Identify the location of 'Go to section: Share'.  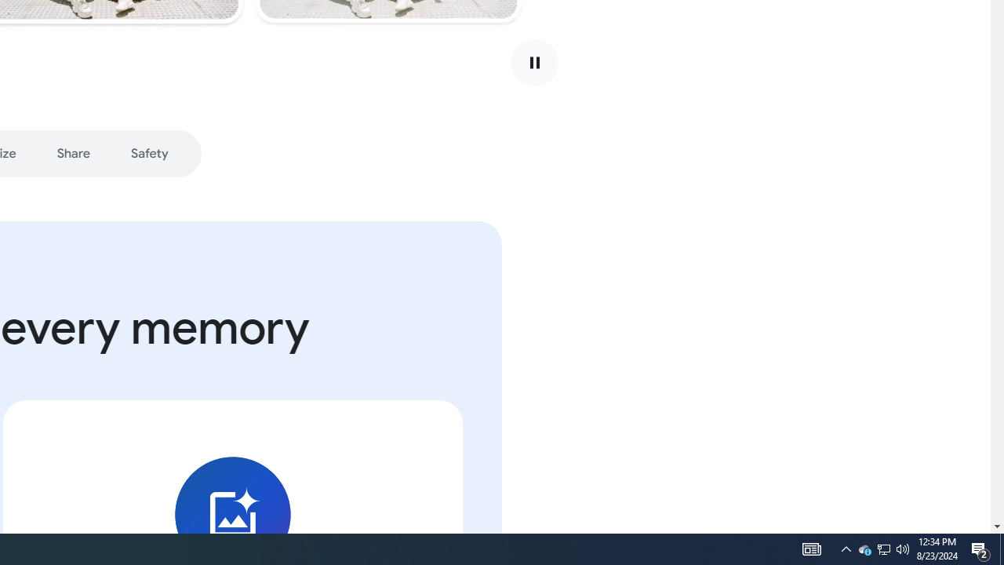
(72, 154).